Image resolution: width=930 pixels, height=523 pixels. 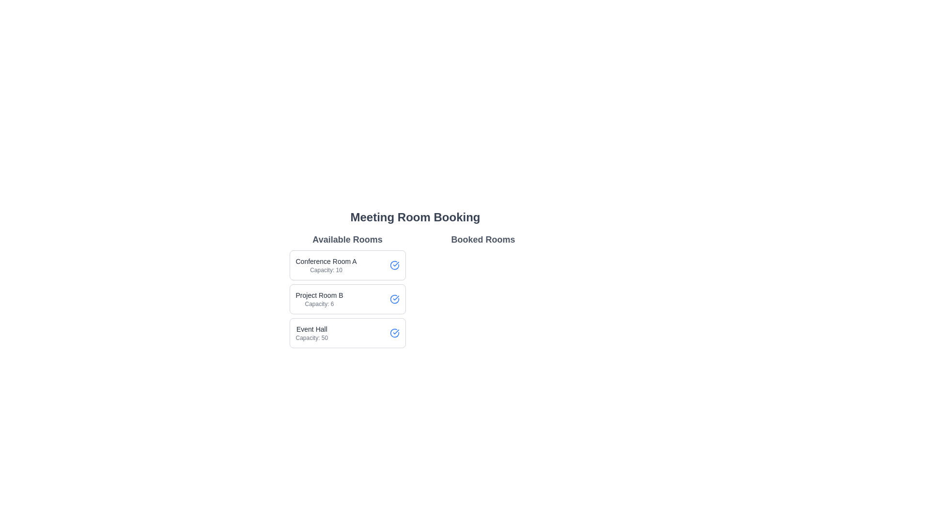 I want to click on capacity information displayed as 'Capacity: 6' in gray color beneath the 'Project Room B' label within the Available Rooms section, so click(x=319, y=304).